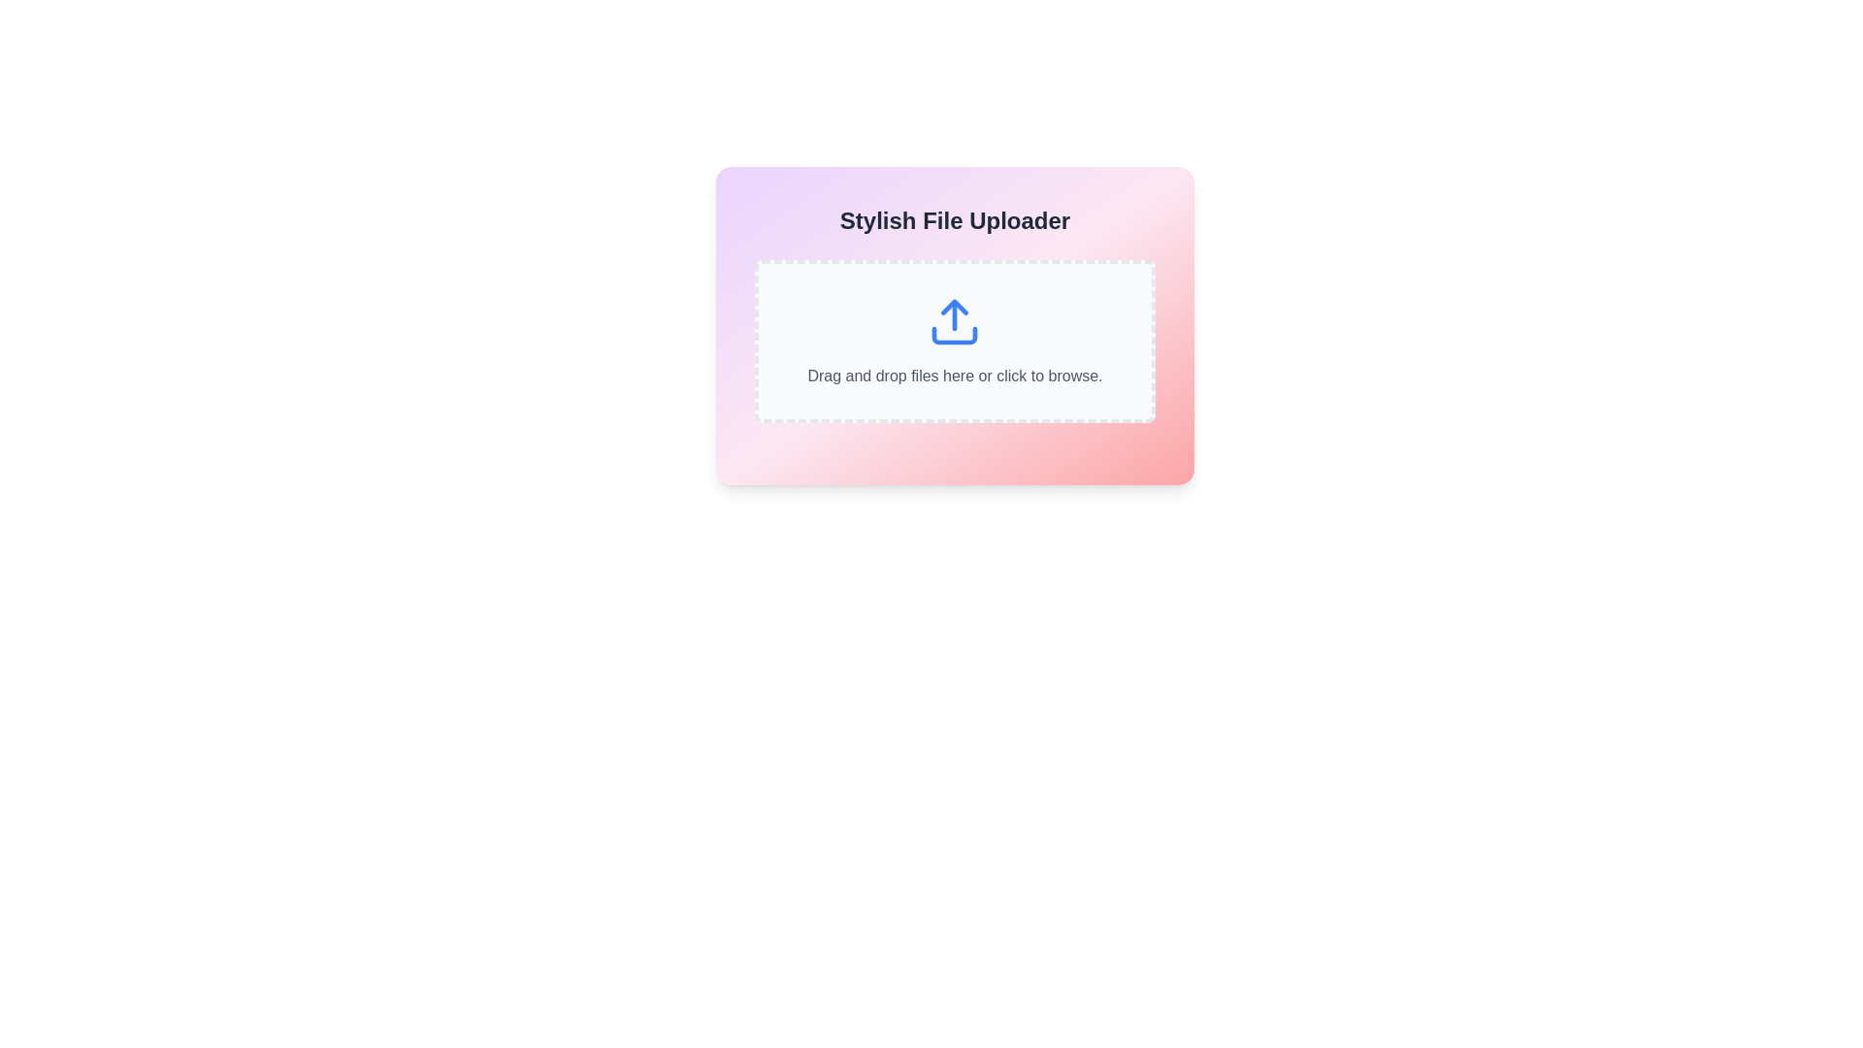  Describe the element at coordinates (955, 335) in the screenshot. I see `the graphical representation of the decorative vector graphic that forms part of the upload symbol within the upload area, positioned at the center coordinates` at that location.